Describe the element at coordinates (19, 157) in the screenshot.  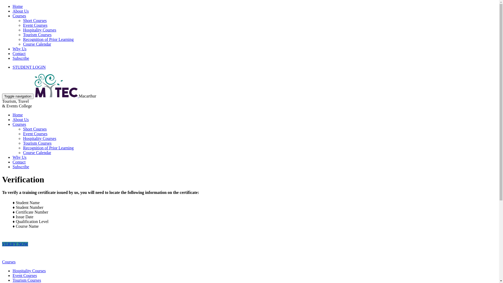
I see `'Why Us'` at that location.